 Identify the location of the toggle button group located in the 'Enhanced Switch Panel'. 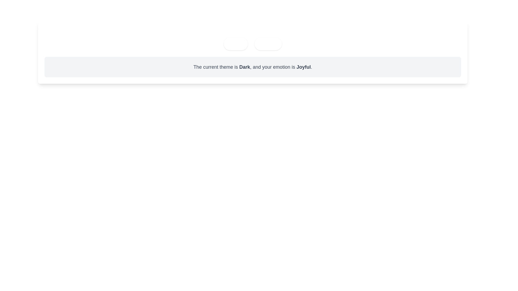
(252, 43).